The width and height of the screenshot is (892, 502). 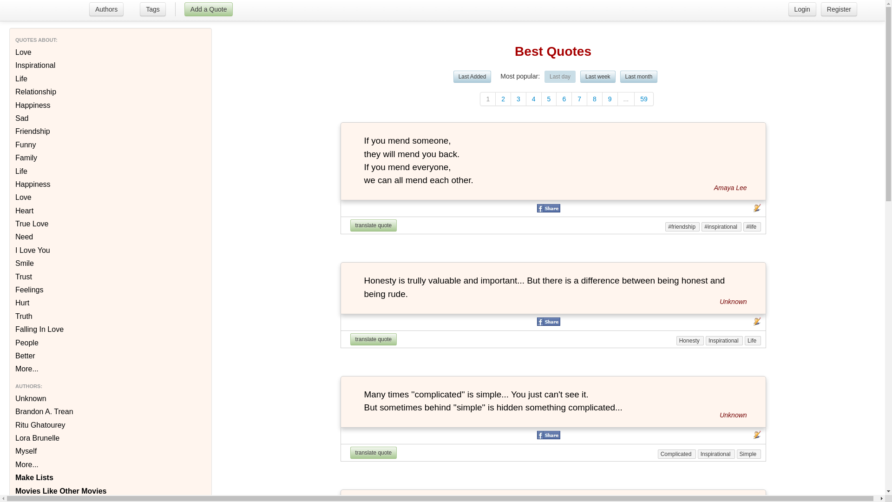 What do you see at coordinates (579, 99) in the screenshot?
I see `'7'` at bounding box center [579, 99].